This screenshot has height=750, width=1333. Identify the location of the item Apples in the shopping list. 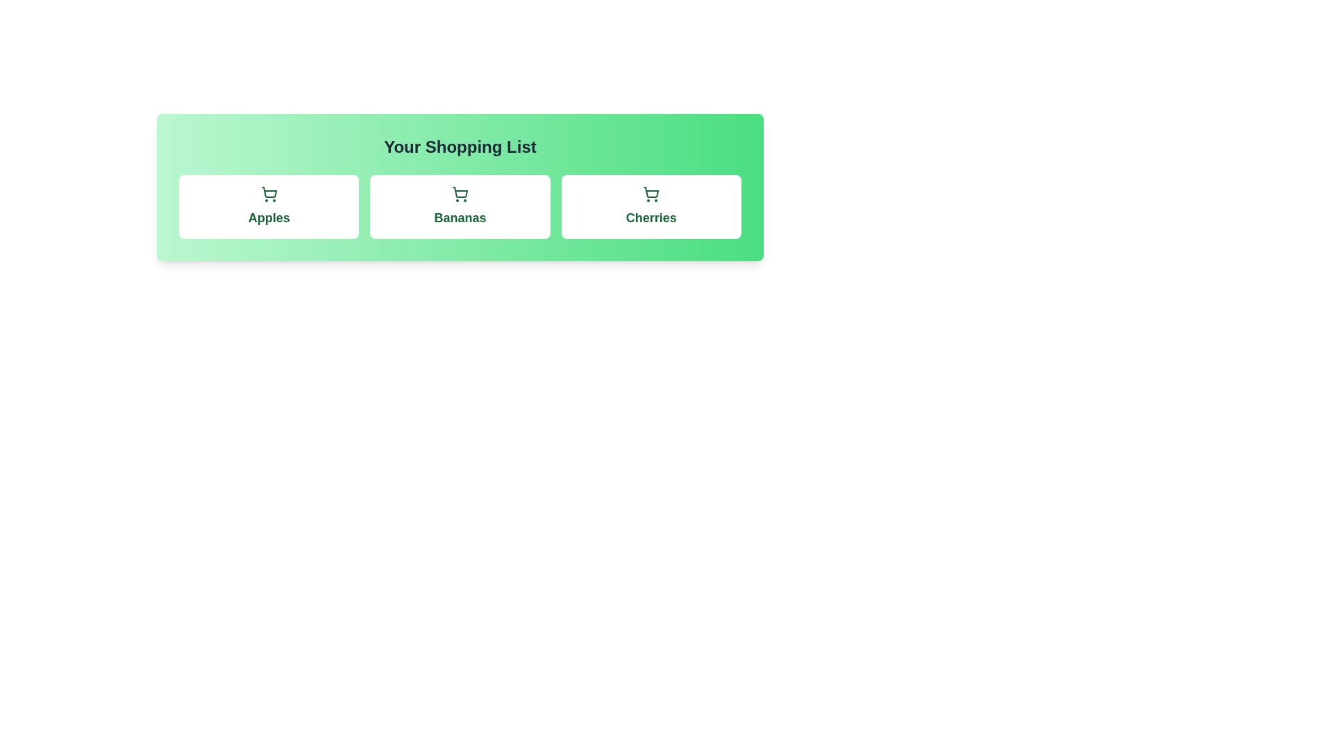
(269, 206).